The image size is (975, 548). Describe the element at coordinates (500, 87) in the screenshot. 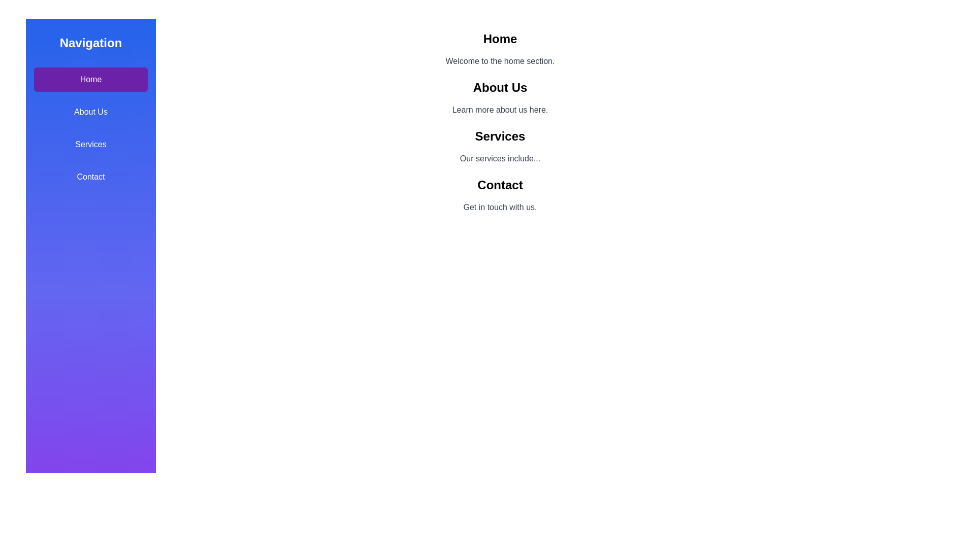

I see `the Heading Text that serves as a visual indicator for the 'About Us' section, located near the upper portion of the central content area, above the secondary text` at that location.